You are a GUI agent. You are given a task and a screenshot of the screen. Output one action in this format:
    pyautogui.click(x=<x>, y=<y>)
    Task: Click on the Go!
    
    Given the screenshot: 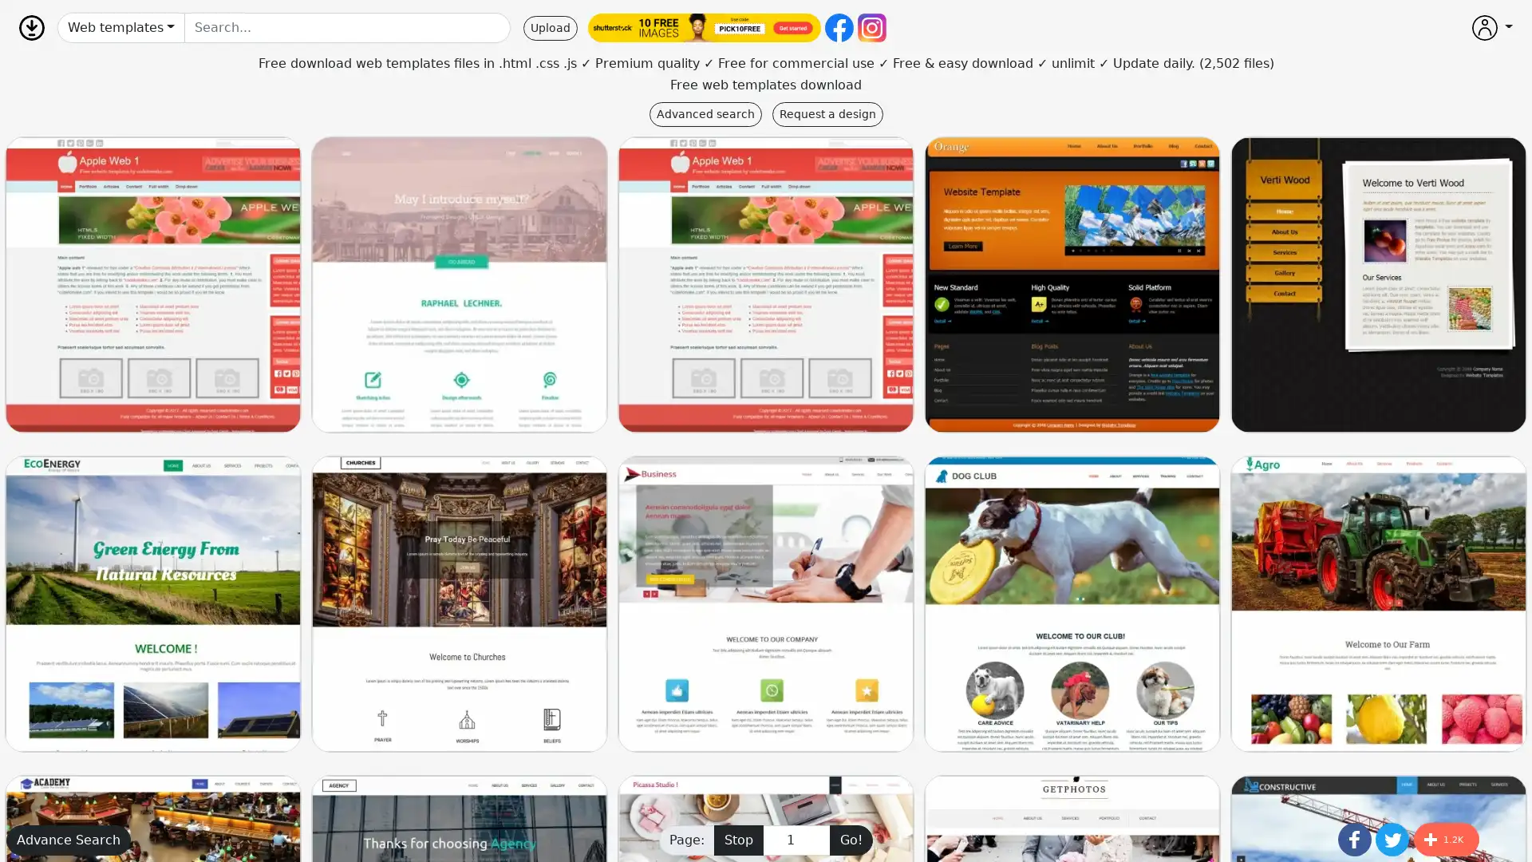 What is the action you would take?
    pyautogui.click(x=850, y=840)
    